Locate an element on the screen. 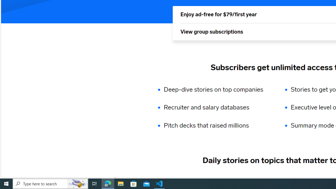 The height and width of the screenshot is (189, 336). 'Recruiter and salary databases' is located at coordinates (217, 107).